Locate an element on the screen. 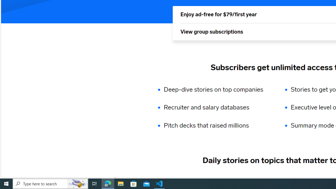 The height and width of the screenshot is (189, 336). 'Recruiter and salary databases' is located at coordinates (217, 107).